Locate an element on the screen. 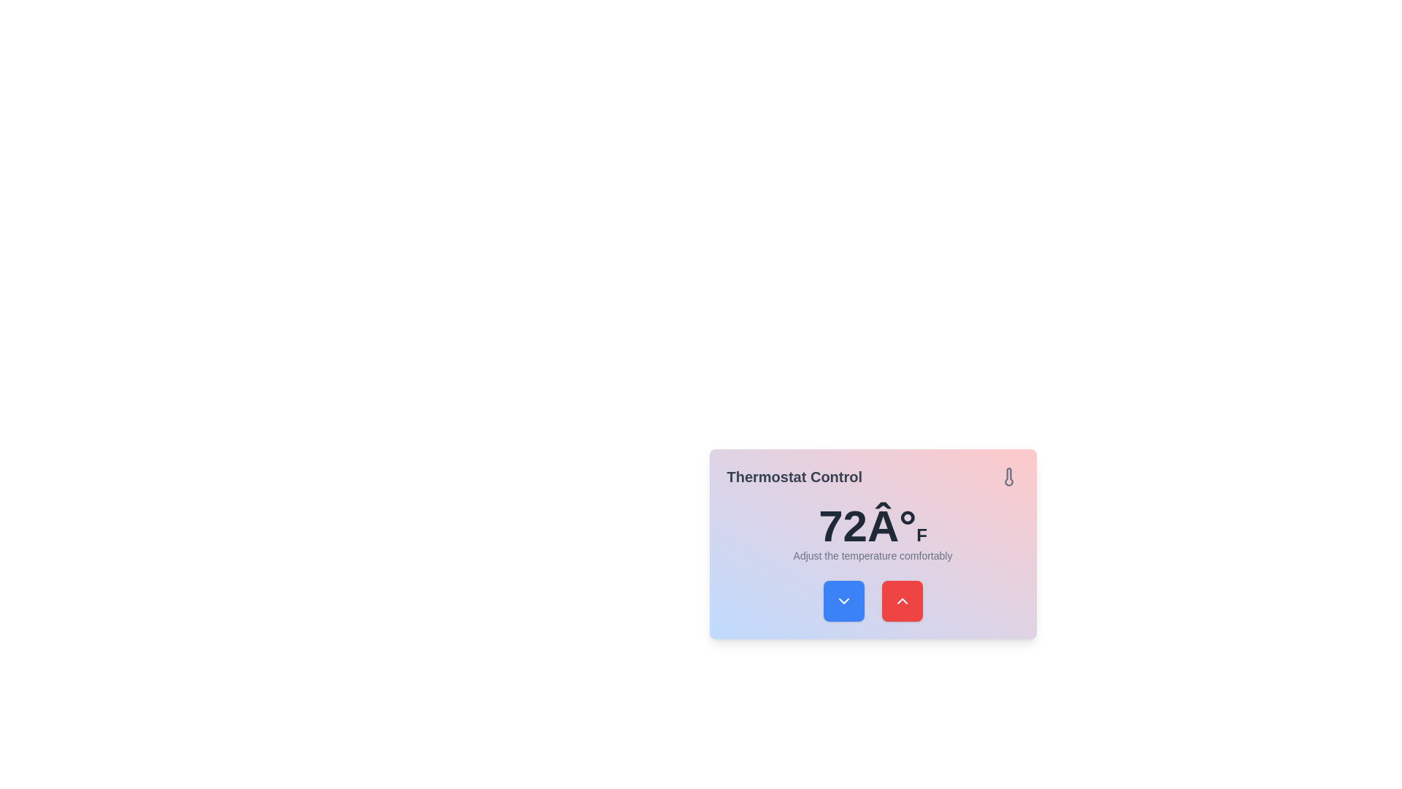 The image size is (1402, 789). the text label displaying 'Adjust the temperature comfortably', which is located beneath the temperature display '72°F' within a card-like UI structure is located at coordinates (873, 555).